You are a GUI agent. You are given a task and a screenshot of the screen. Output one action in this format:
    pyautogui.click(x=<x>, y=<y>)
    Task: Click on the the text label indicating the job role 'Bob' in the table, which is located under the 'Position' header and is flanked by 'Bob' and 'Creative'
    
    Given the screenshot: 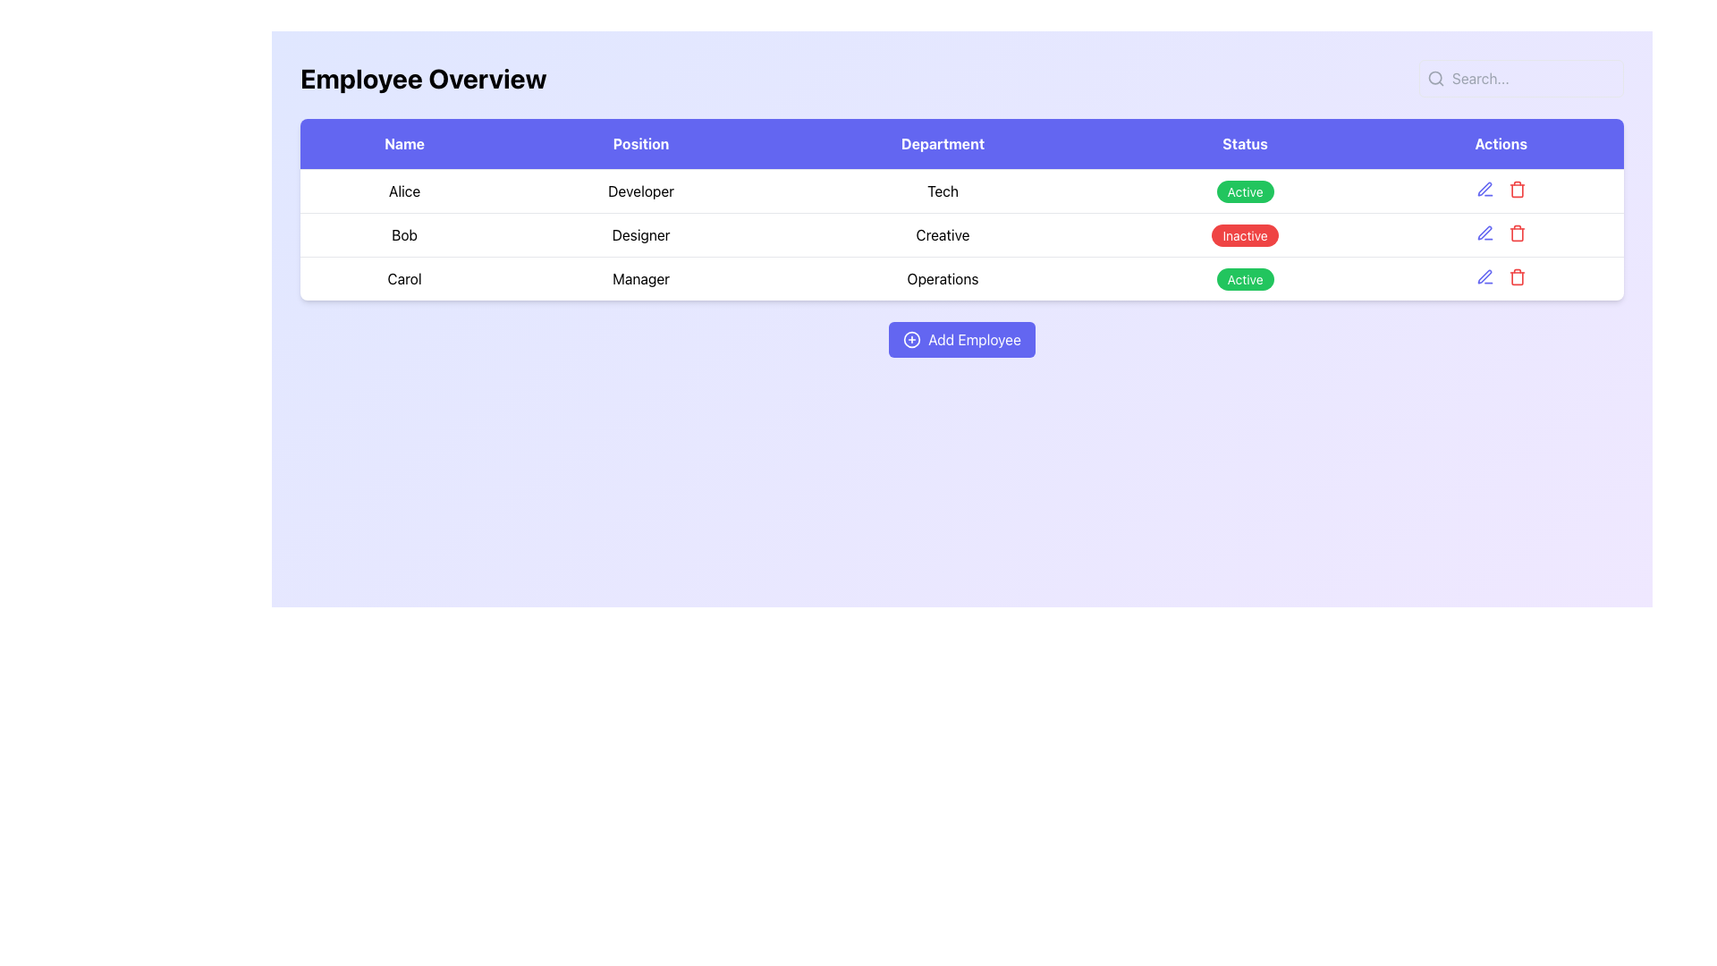 What is the action you would take?
    pyautogui.click(x=641, y=233)
    